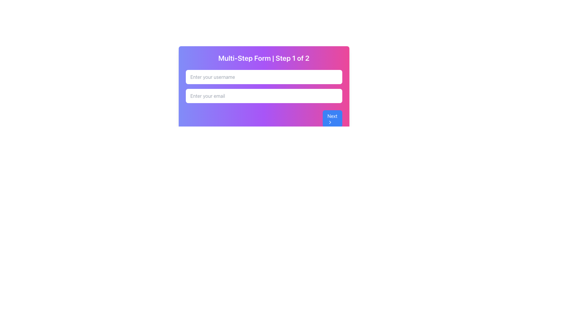 The height and width of the screenshot is (320, 569). I want to click on the 'Next' button located in the bottom-right corner of the multi-step form interface, so click(330, 122).